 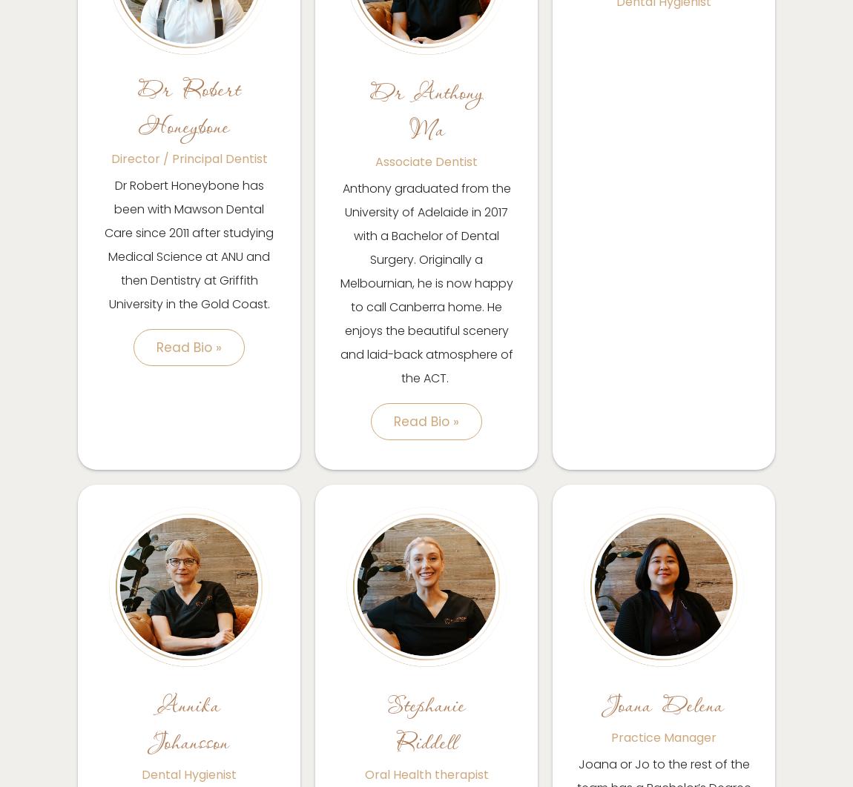 What do you see at coordinates (426, 774) in the screenshot?
I see `'Oral Health therapist'` at bounding box center [426, 774].